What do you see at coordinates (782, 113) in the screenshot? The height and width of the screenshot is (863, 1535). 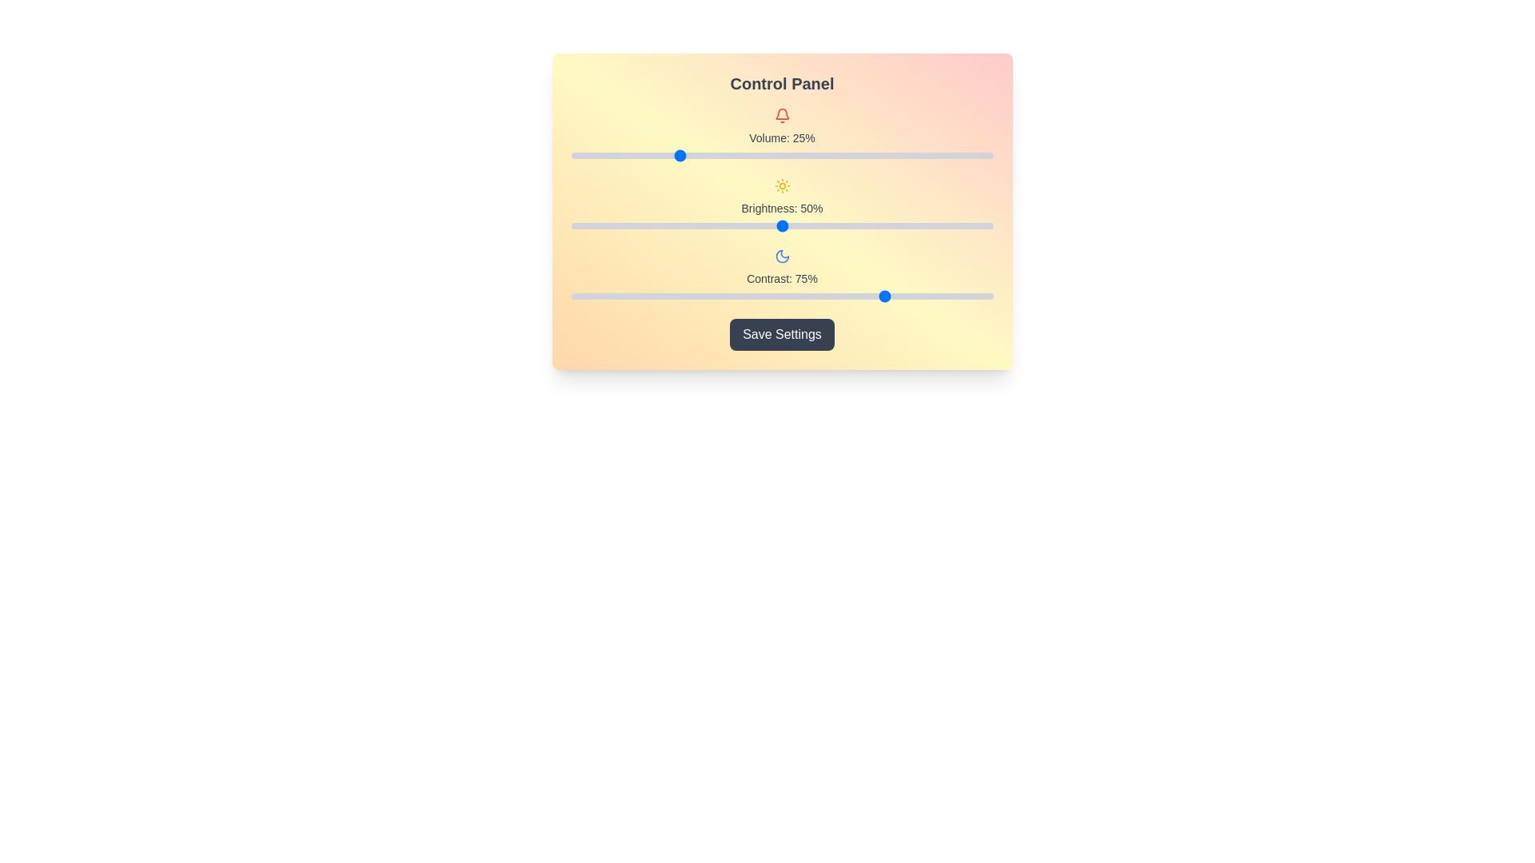 I see `the notification bell icon located at the top-center of the Control Panel interface, above the Volume: 25% label` at bounding box center [782, 113].